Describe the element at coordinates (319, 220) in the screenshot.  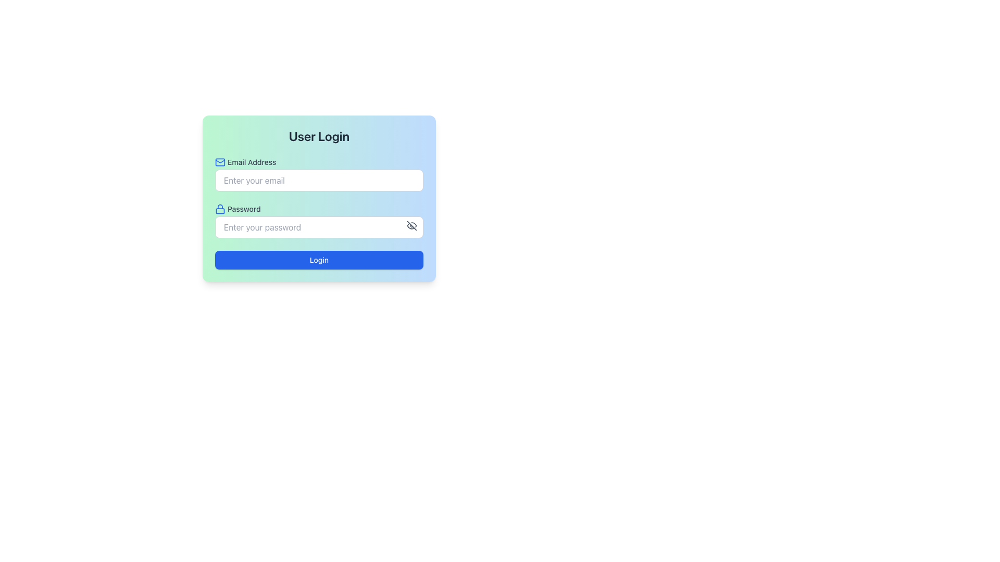
I see `the Password Input Field, which is labeled 'Password' and features a lock icon, to select the entered text` at that location.